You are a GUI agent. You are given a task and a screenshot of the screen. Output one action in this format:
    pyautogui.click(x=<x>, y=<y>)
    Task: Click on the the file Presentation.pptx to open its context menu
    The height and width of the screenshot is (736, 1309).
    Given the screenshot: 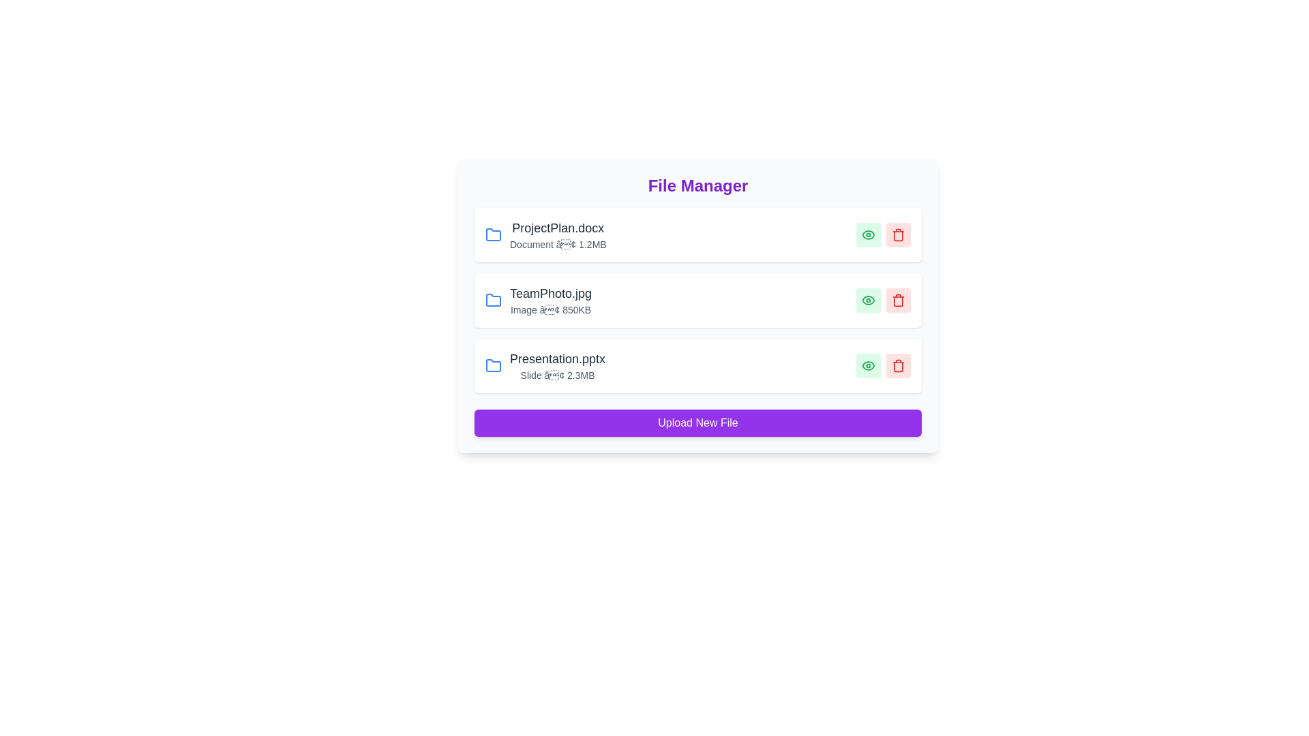 What is the action you would take?
    pyautogui.click(x=545, y=365)
    